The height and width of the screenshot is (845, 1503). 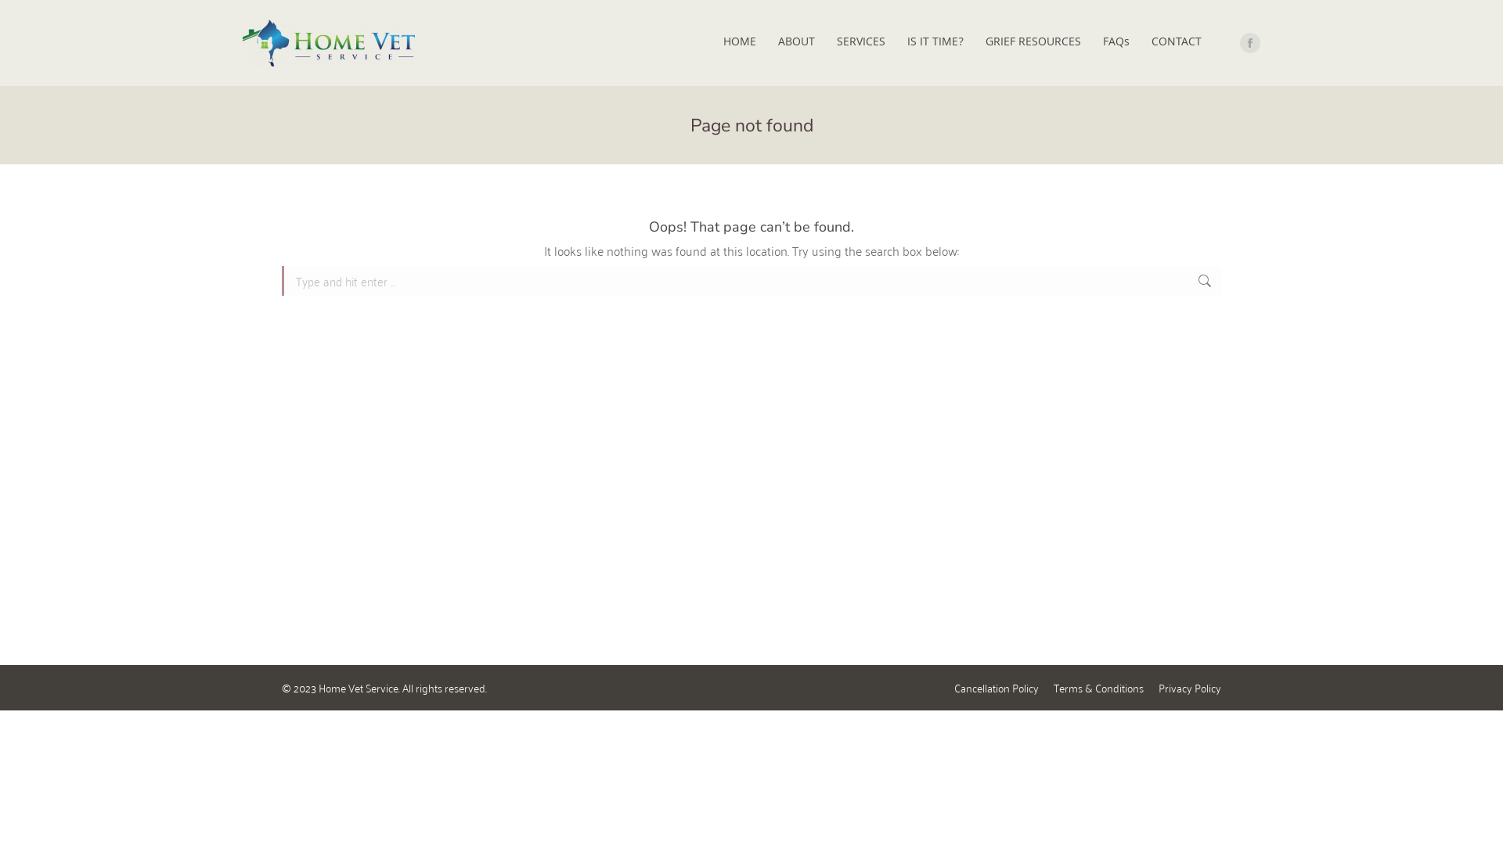 I want to click on 'IS IT TIME?', so click(x=935, y=41).